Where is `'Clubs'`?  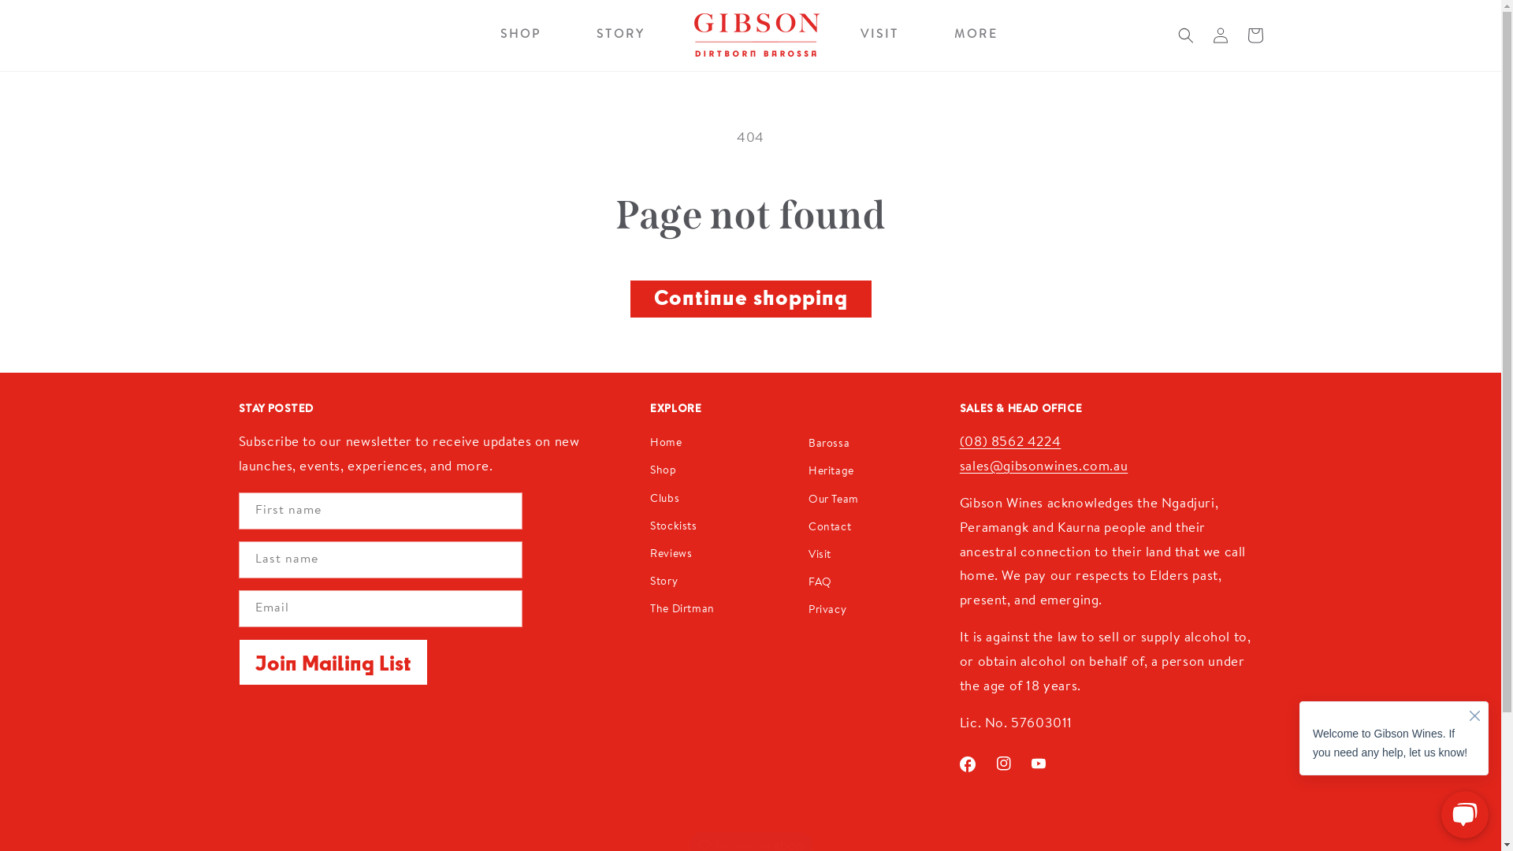
'Clubs' is located at coordinates (650, 500).